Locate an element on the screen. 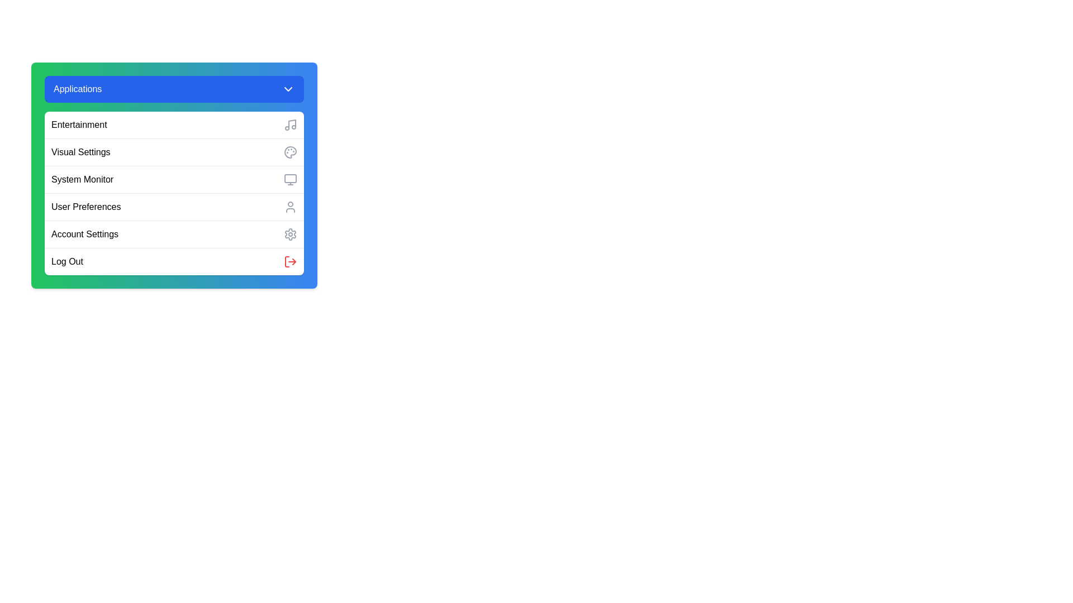 This screenshot has width=1073, height=603. the menu option Visual Settings from the menu is located at coordinates (174, 152).